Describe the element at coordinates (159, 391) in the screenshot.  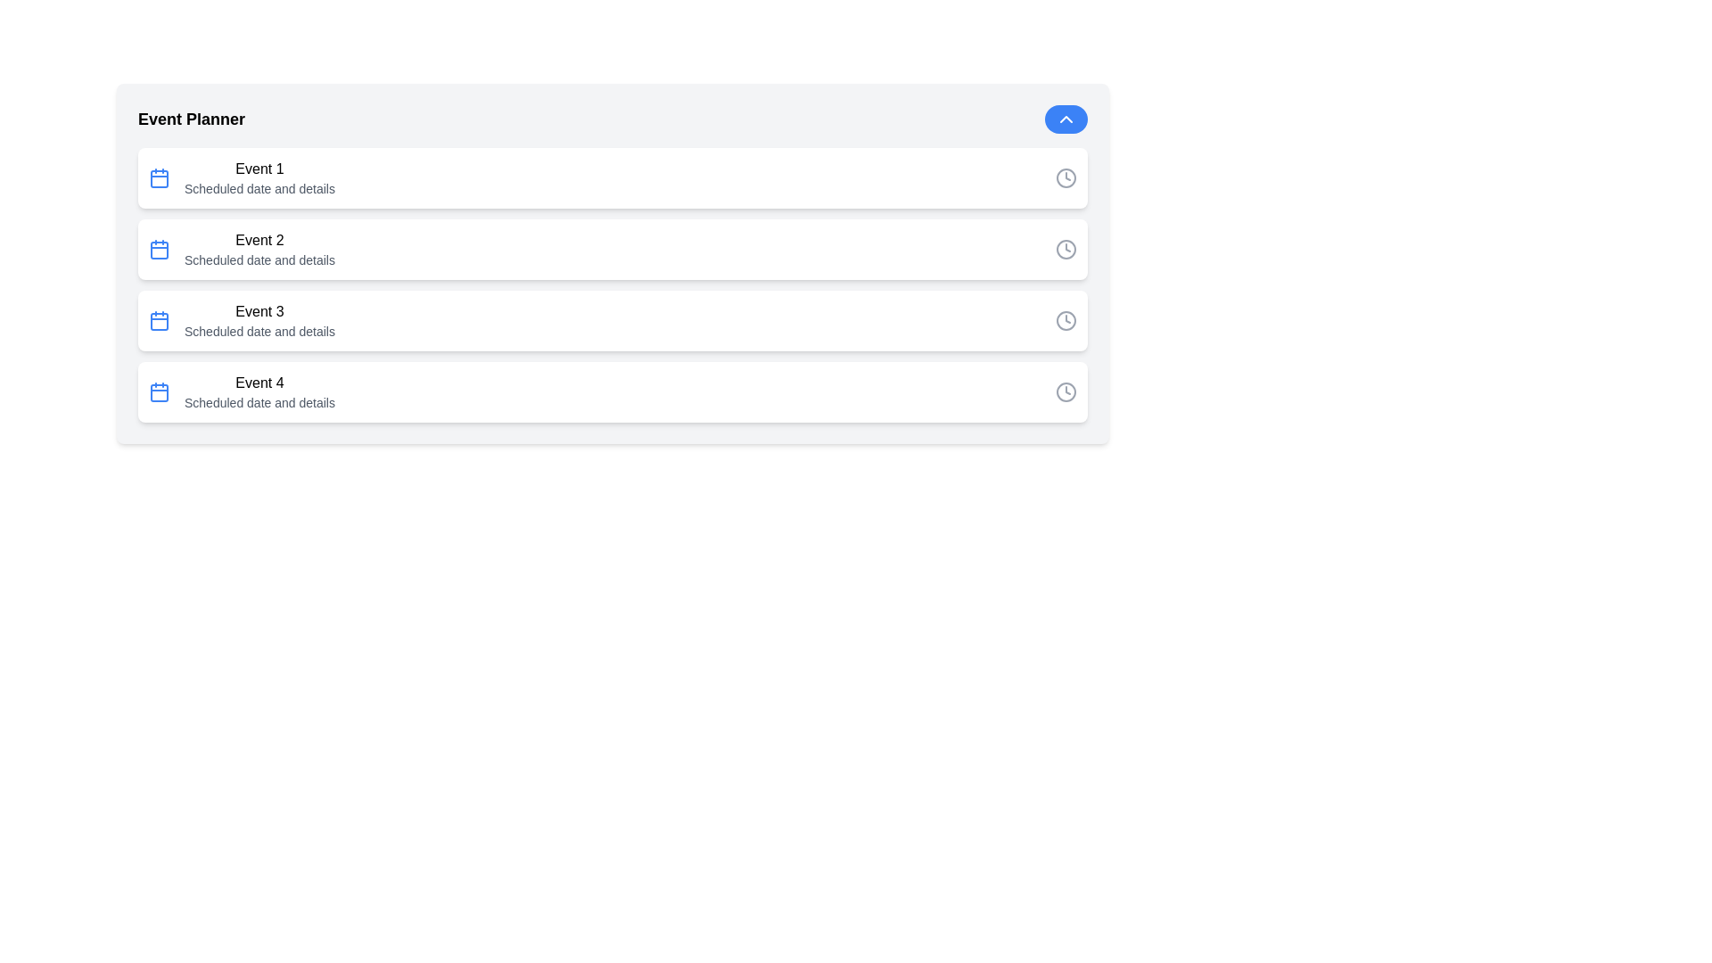
I see `the calendar icon located at the leftmost part of the 'Event 4' card, which is the fourth entry in the list beneath 'Event Planner'` at that location.